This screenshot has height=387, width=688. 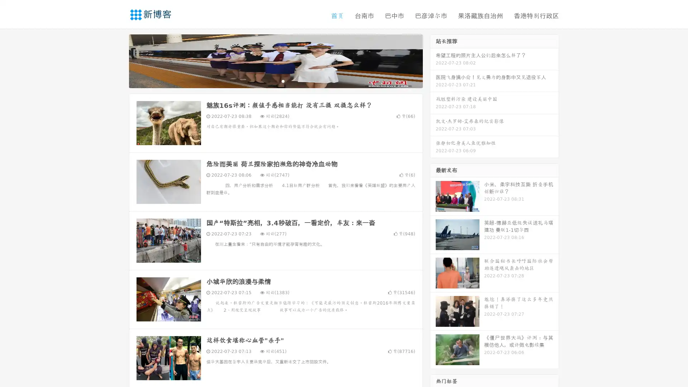 I want to click on Previous slide, so click(x=118, y=60).